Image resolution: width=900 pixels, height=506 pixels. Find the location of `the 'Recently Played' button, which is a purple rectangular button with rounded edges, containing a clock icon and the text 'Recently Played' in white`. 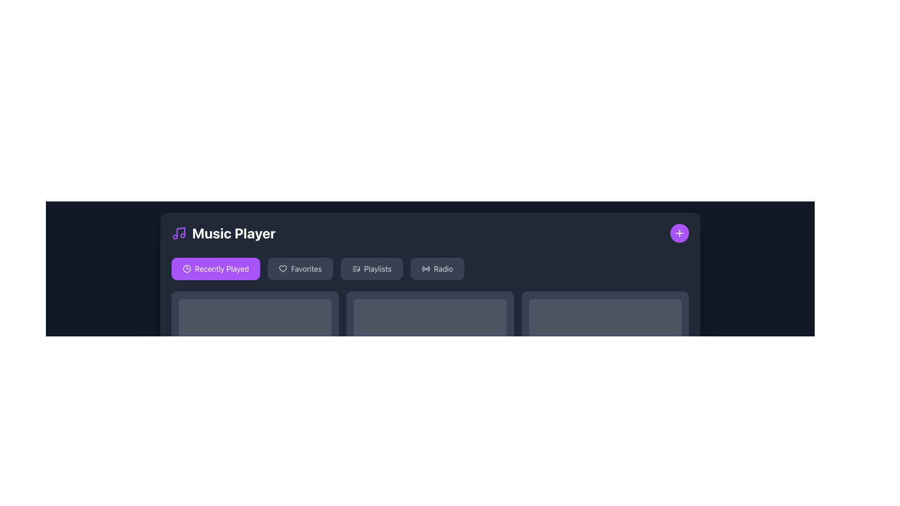

the 'Recently Played' button, which is a purple rectangular button with rounded edges, containing a clock icon and the text 'Recently Played' in white is located at coordinates (215, 269).